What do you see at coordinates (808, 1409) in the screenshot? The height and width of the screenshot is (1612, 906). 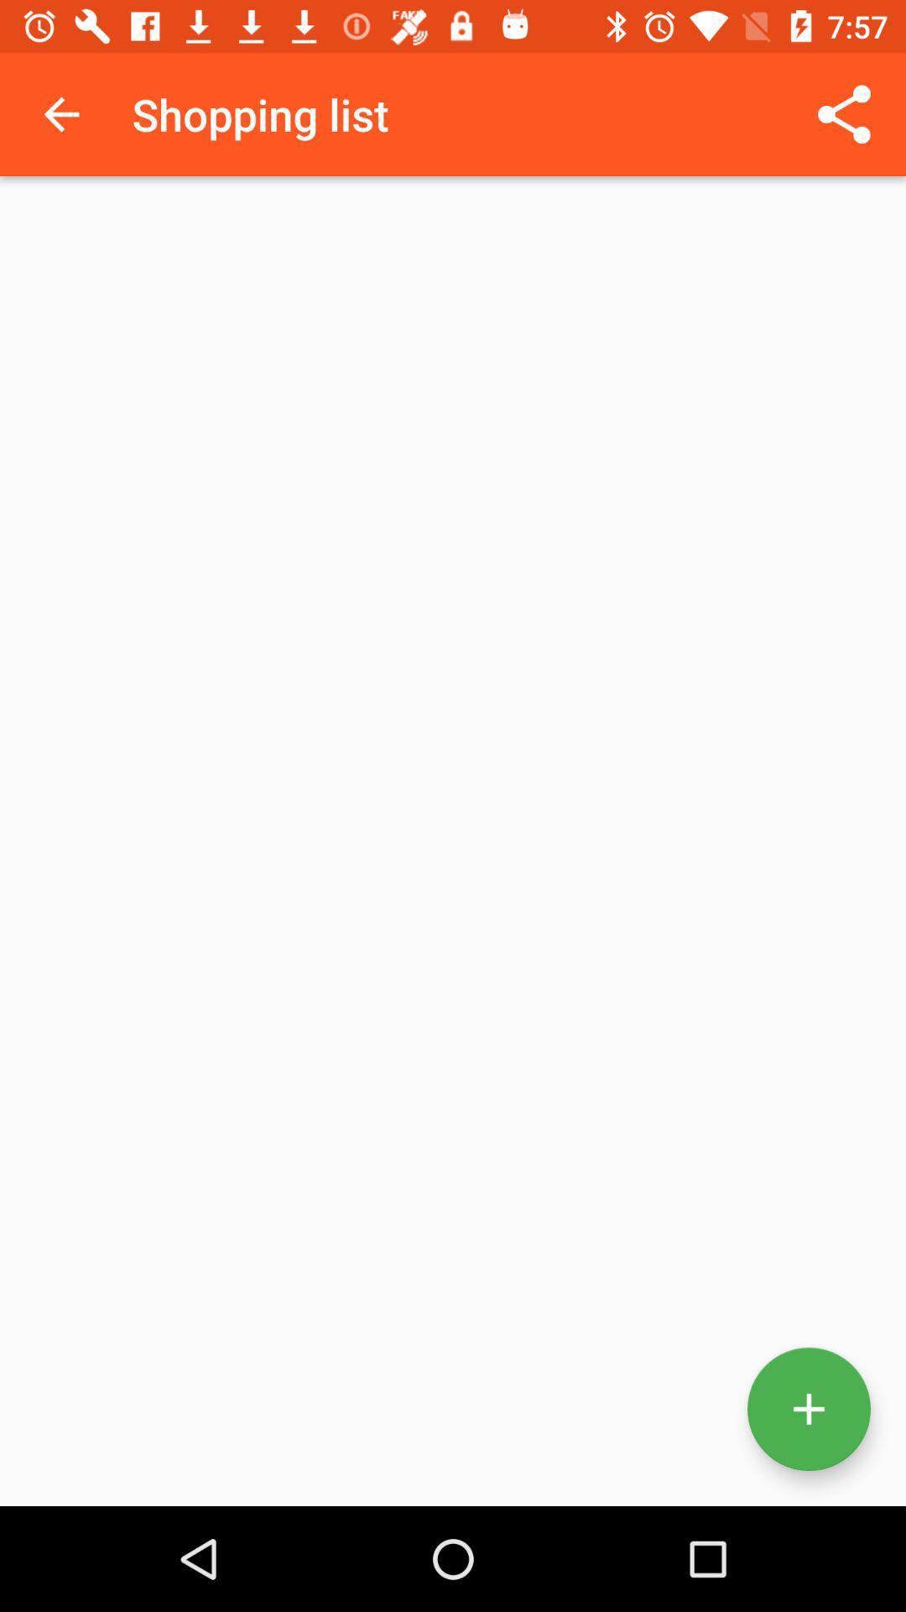 I see `the item at the bottom right corner` at bounding box center [808, 1409].